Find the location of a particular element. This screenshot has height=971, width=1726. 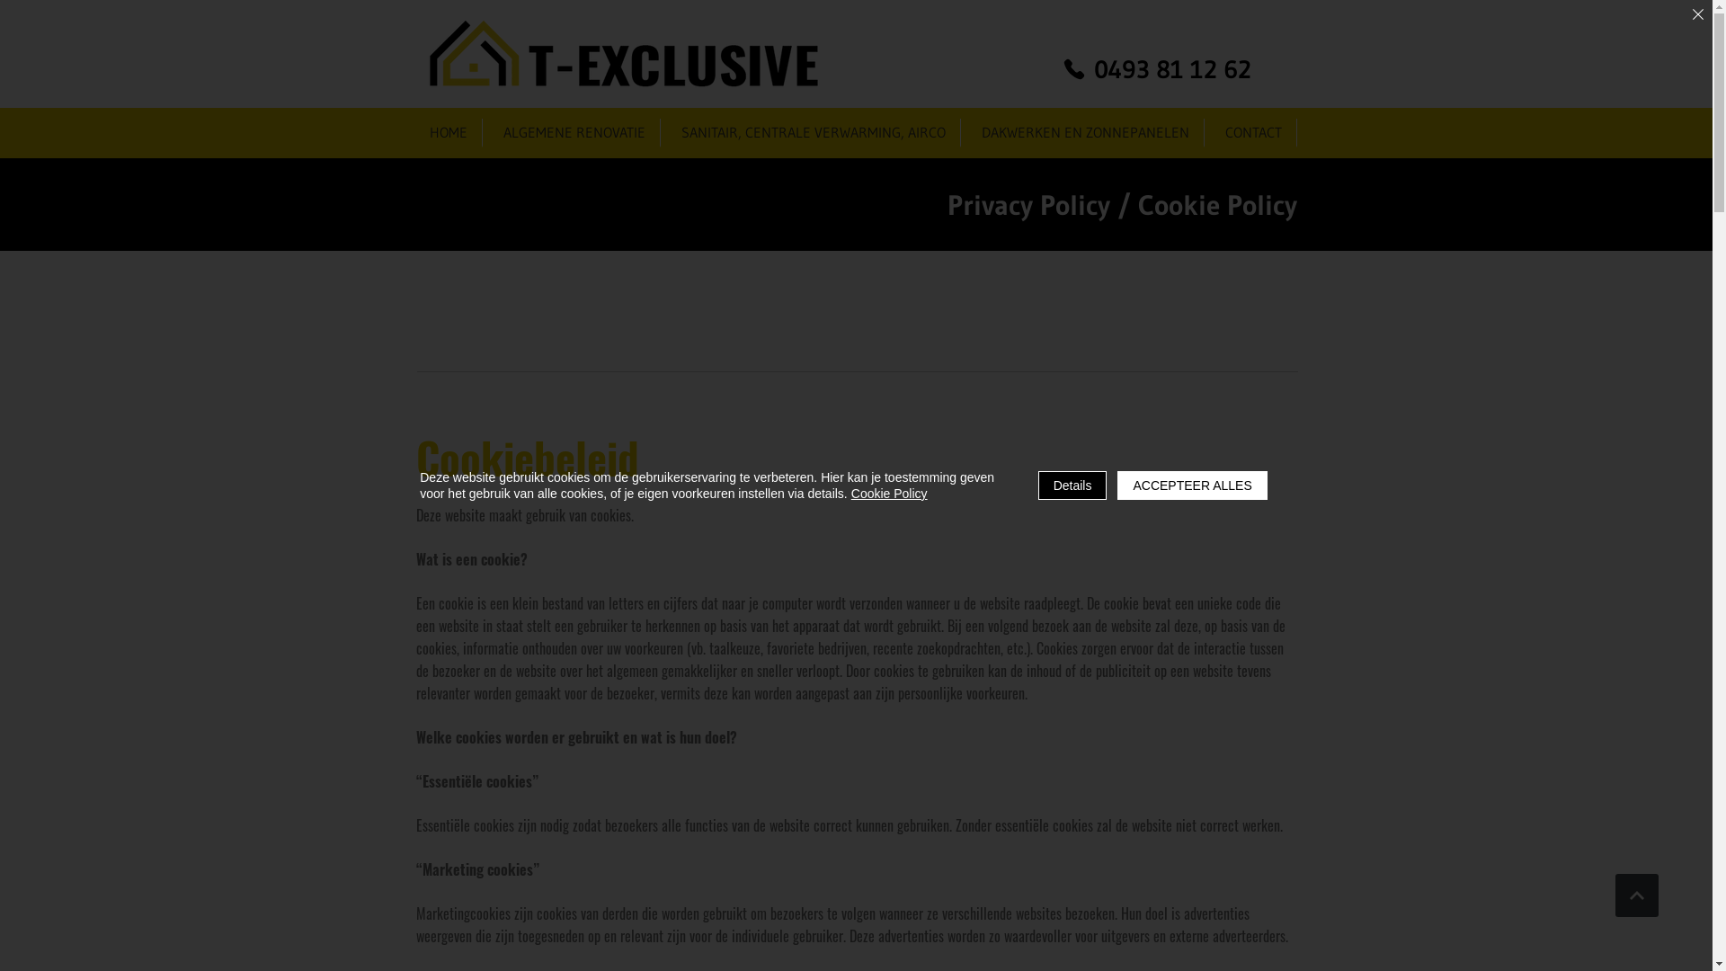

'Cookie Policy' is located at coordinates (889, 493).